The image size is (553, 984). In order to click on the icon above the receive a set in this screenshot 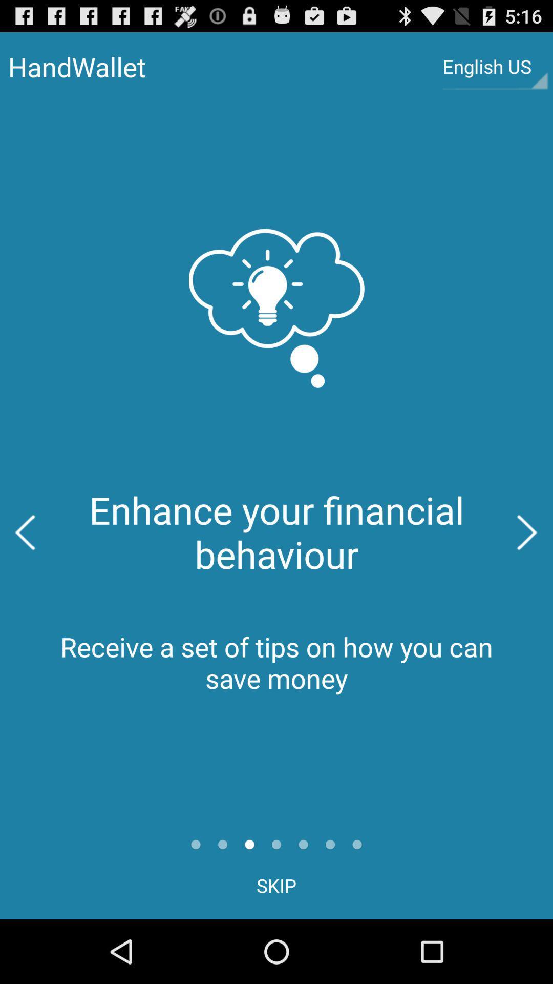, I will do `click(25, 532)`.